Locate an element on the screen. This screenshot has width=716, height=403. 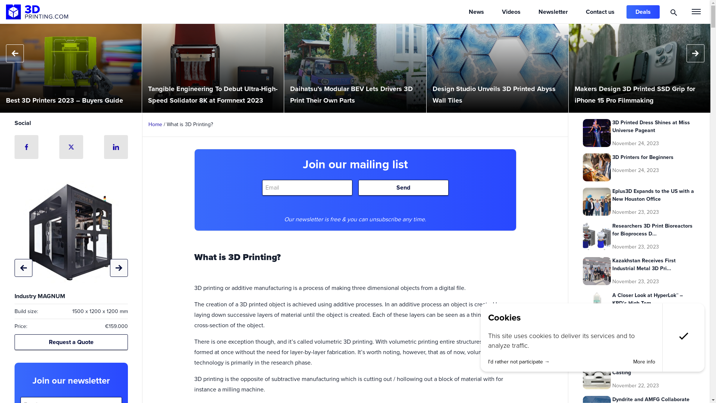
'Send' is located at coordinates (402, 187).